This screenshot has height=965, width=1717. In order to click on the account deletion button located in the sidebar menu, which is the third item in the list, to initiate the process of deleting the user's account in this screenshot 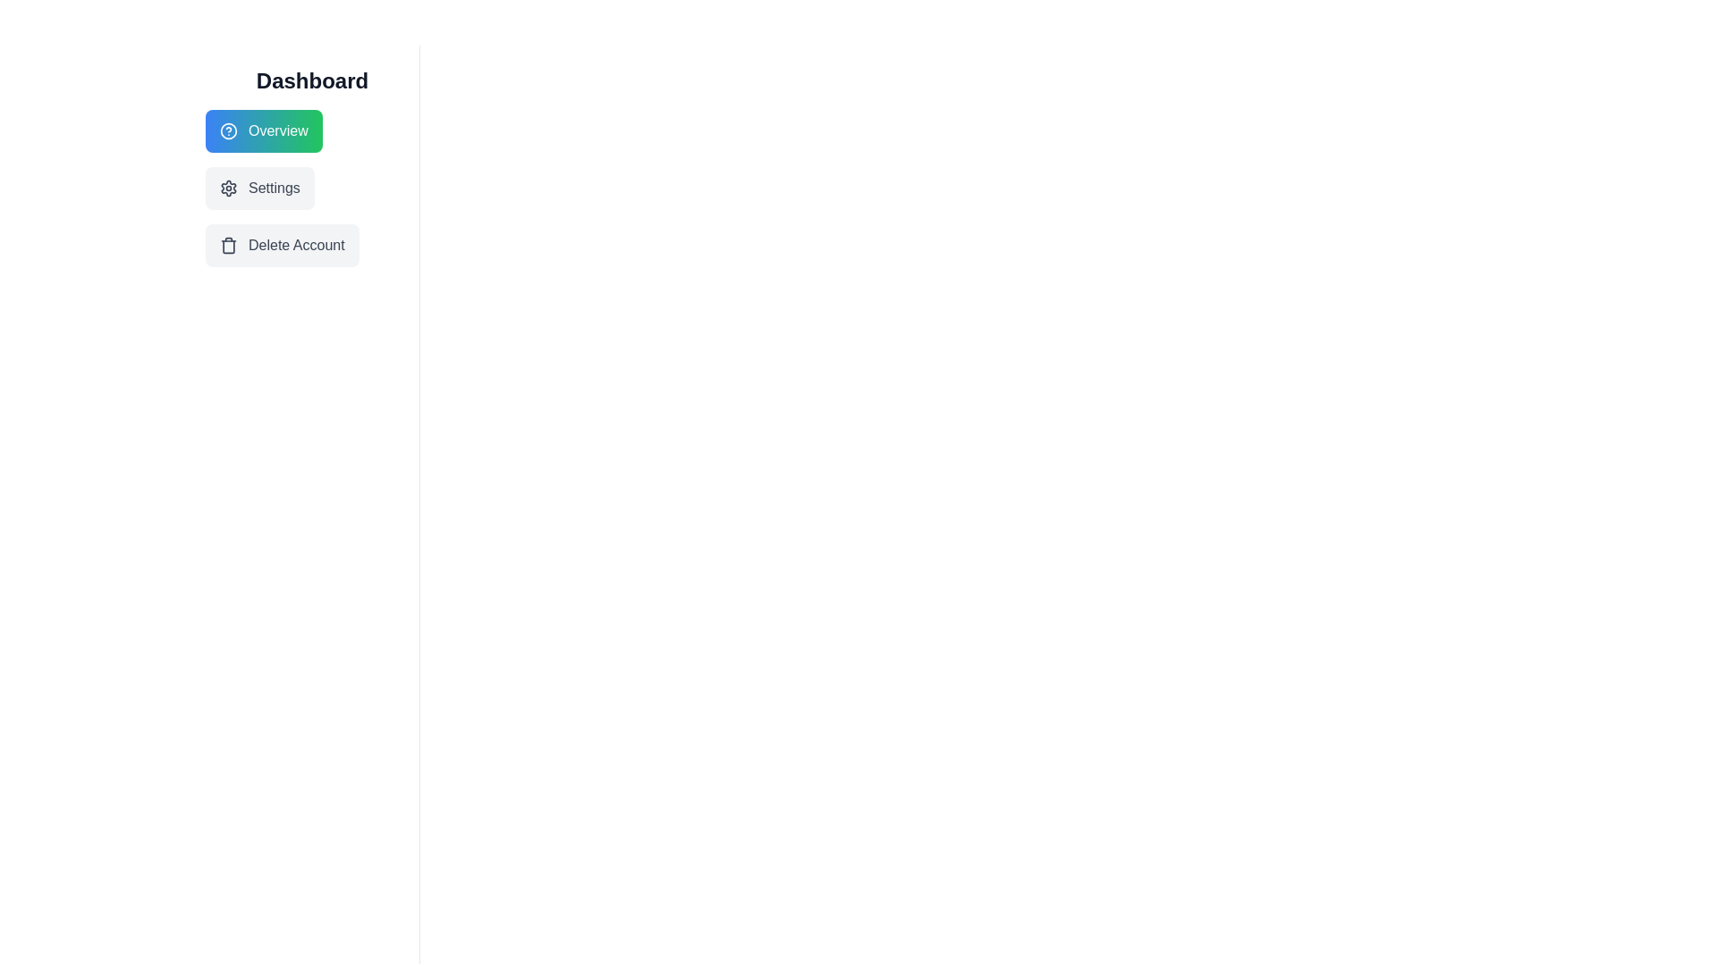, I will do `click(281, 245)`.